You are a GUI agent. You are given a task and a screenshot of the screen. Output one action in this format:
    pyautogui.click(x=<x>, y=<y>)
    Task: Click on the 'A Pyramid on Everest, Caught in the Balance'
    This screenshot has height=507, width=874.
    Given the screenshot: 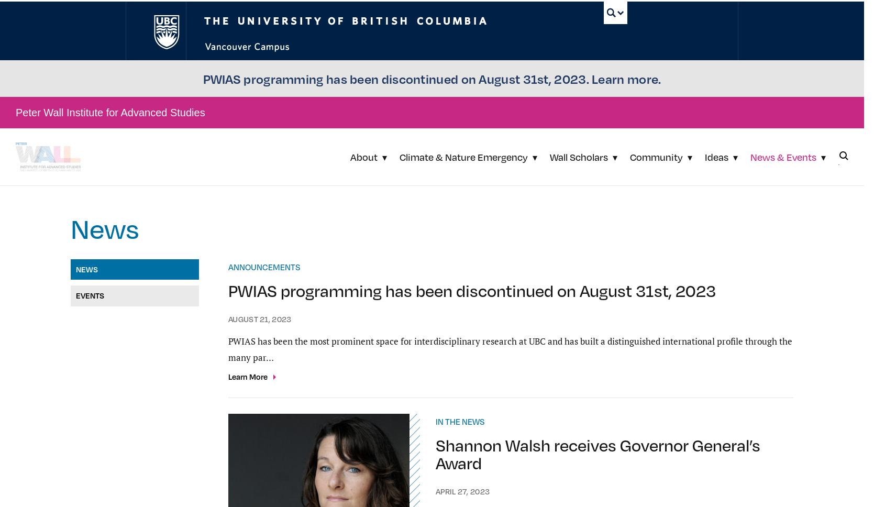 What is the action you would take?
    pyautogui.click(x=598, y=319)
    